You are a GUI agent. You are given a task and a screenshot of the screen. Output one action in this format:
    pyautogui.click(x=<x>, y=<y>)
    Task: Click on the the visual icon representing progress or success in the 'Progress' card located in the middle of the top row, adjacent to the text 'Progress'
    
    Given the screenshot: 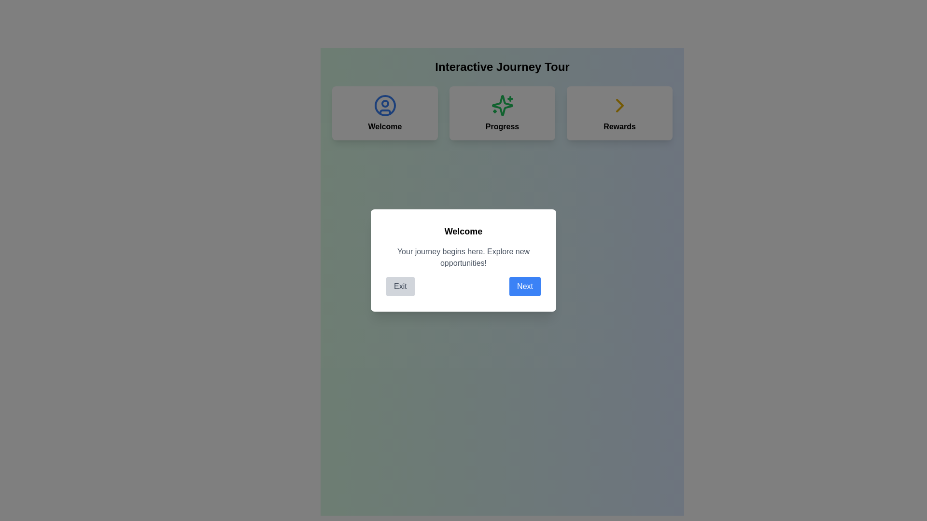 What is the action you would take?
    pyautogui.click(x=502, y=106)
    